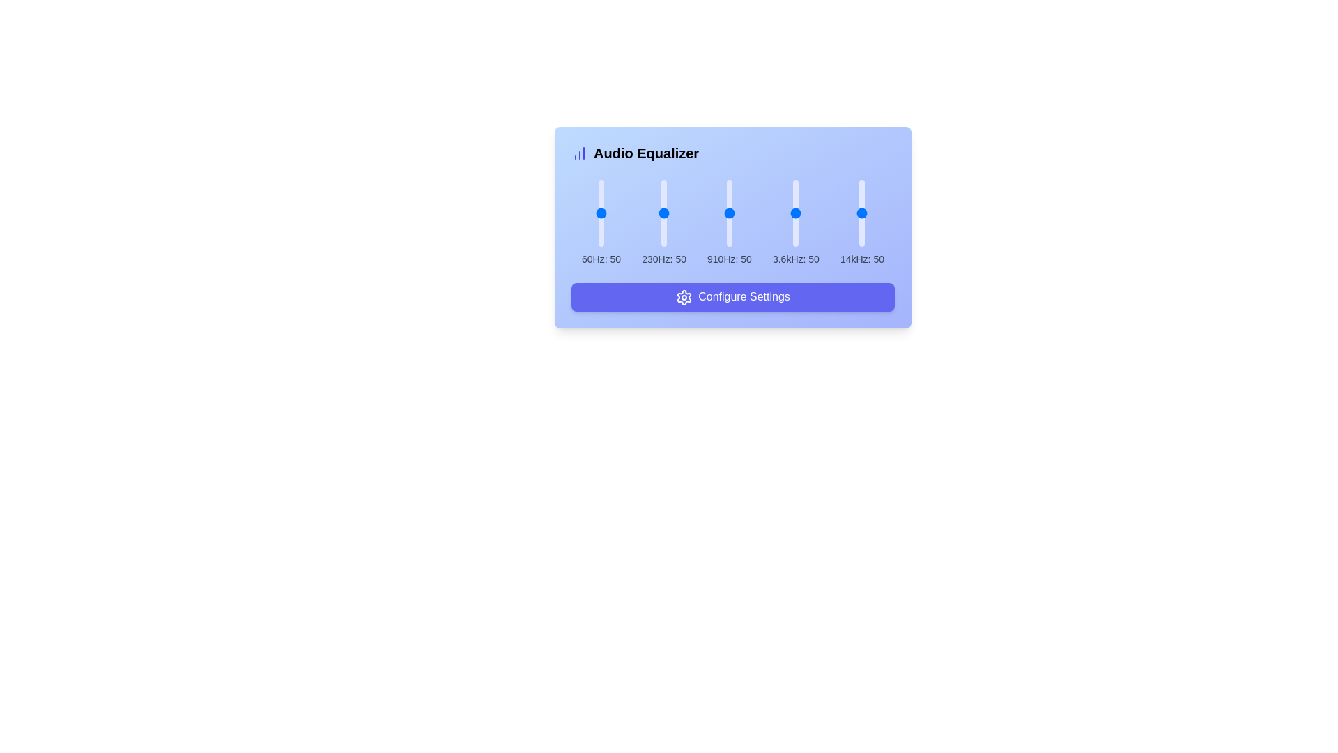  What do you see at coordinates (861, 238) in the screenshot?
I see `the slider value` at bounding box center [861, 238].